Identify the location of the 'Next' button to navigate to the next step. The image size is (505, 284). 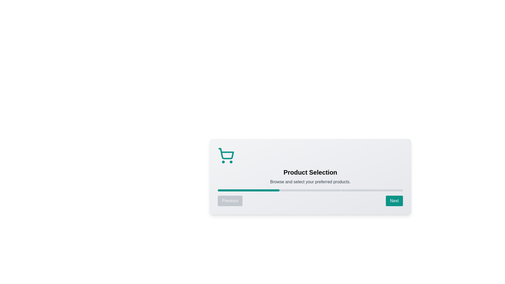
(394, 201).